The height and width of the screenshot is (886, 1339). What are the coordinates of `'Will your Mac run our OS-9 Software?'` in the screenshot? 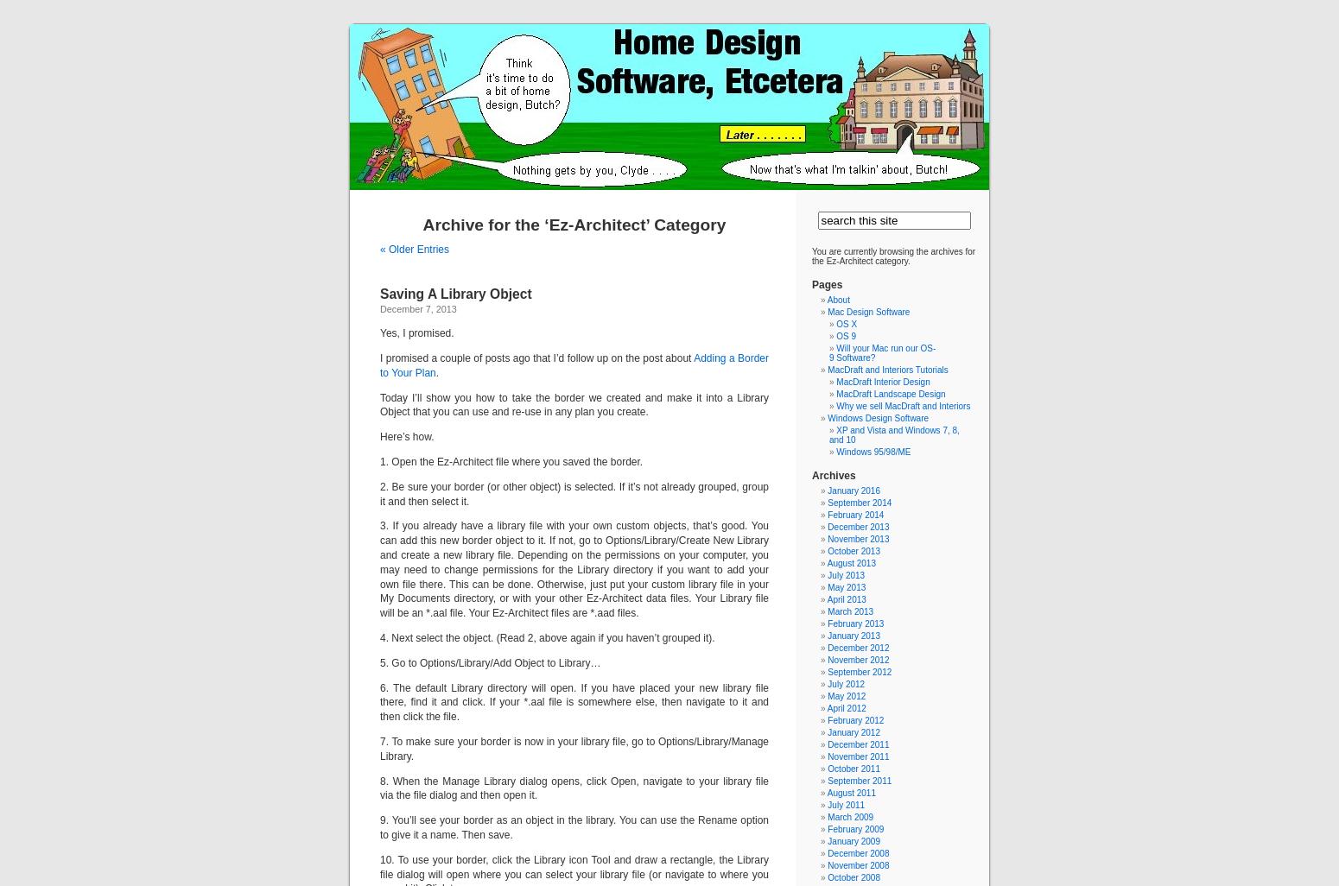 It's located at (828, 351).